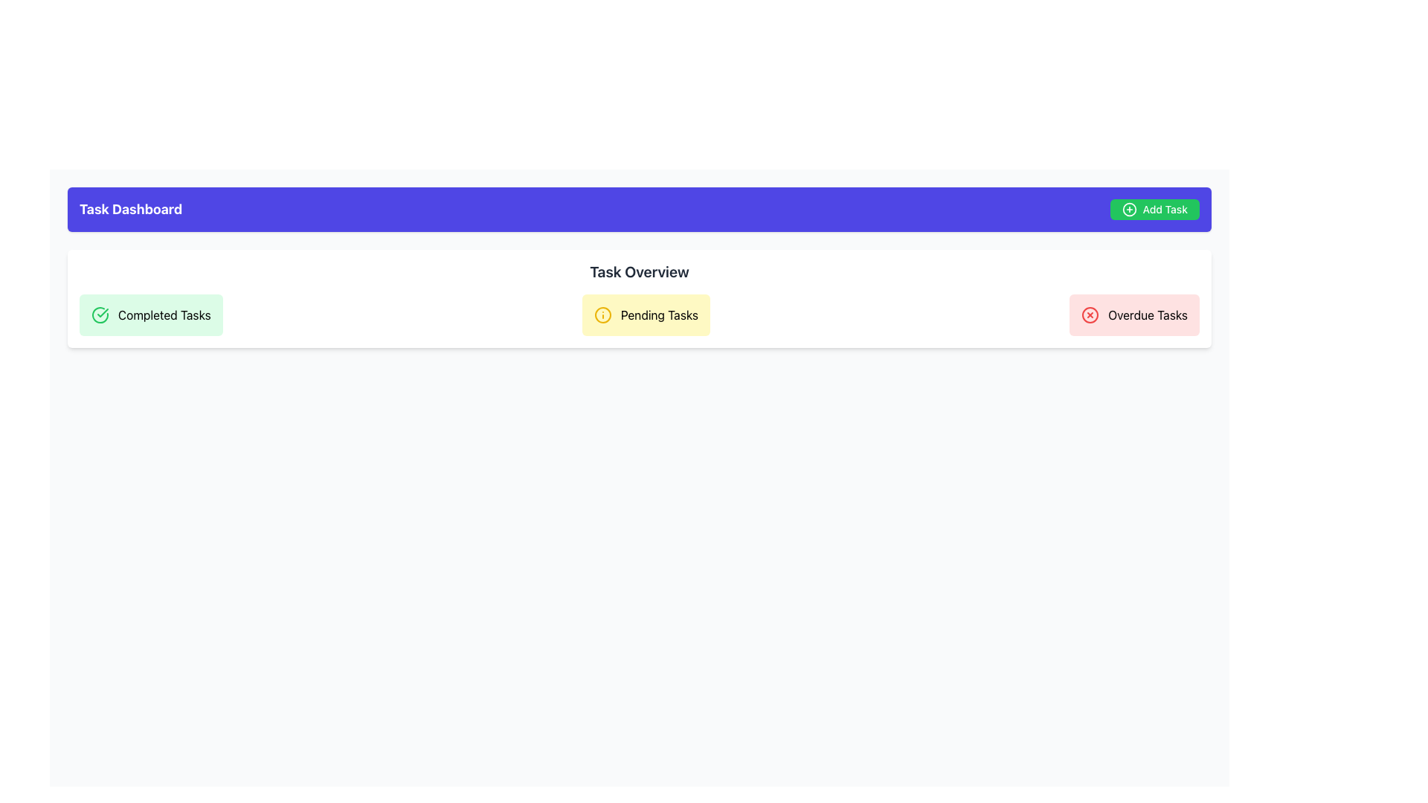 The height and width of the screenshot is (803, 1428). What do you see at coordinates (1154, 209) in the screenshot?
I see `the 'Add Task' button located in the upper right corner of the dashboard's header section, which follows the 'Task Dashboard' title element` at bounding box center [1154, 209].